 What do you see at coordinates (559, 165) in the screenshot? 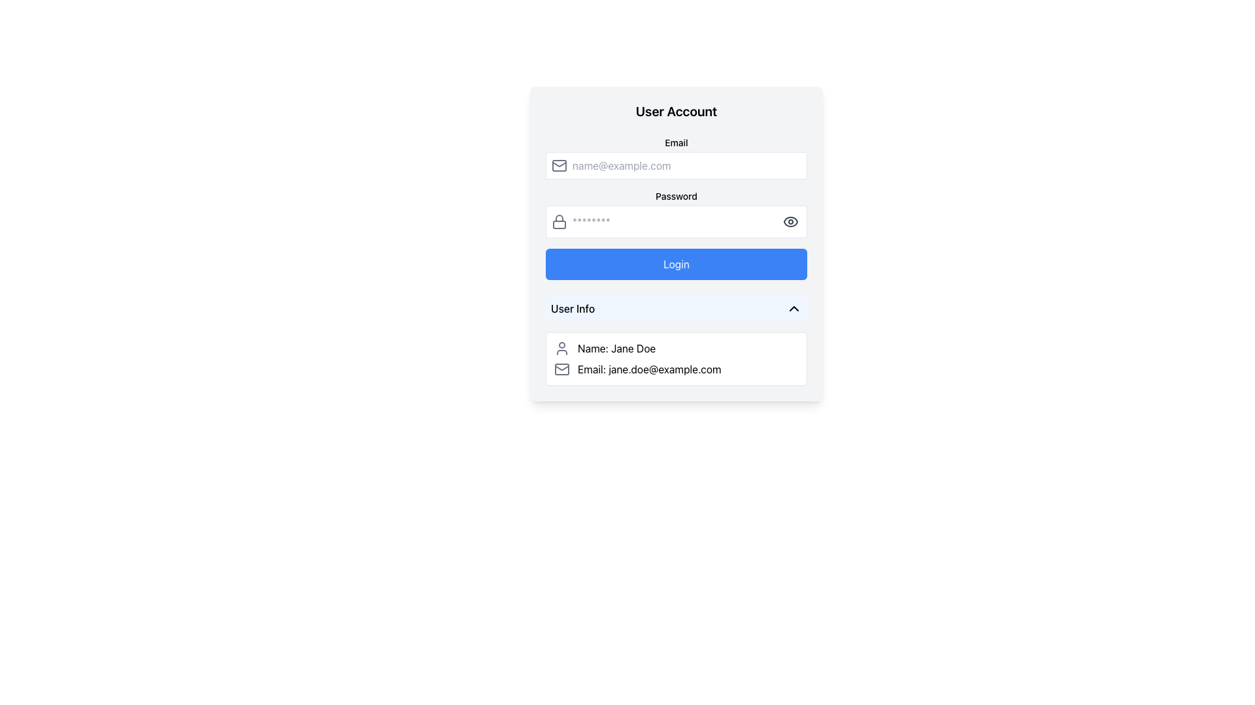
I see `the gray minimalistic envelope icon located to the left of the email input field, adjacent to the placeholder text 'name@example.com'` at bounding box center [559, 165].